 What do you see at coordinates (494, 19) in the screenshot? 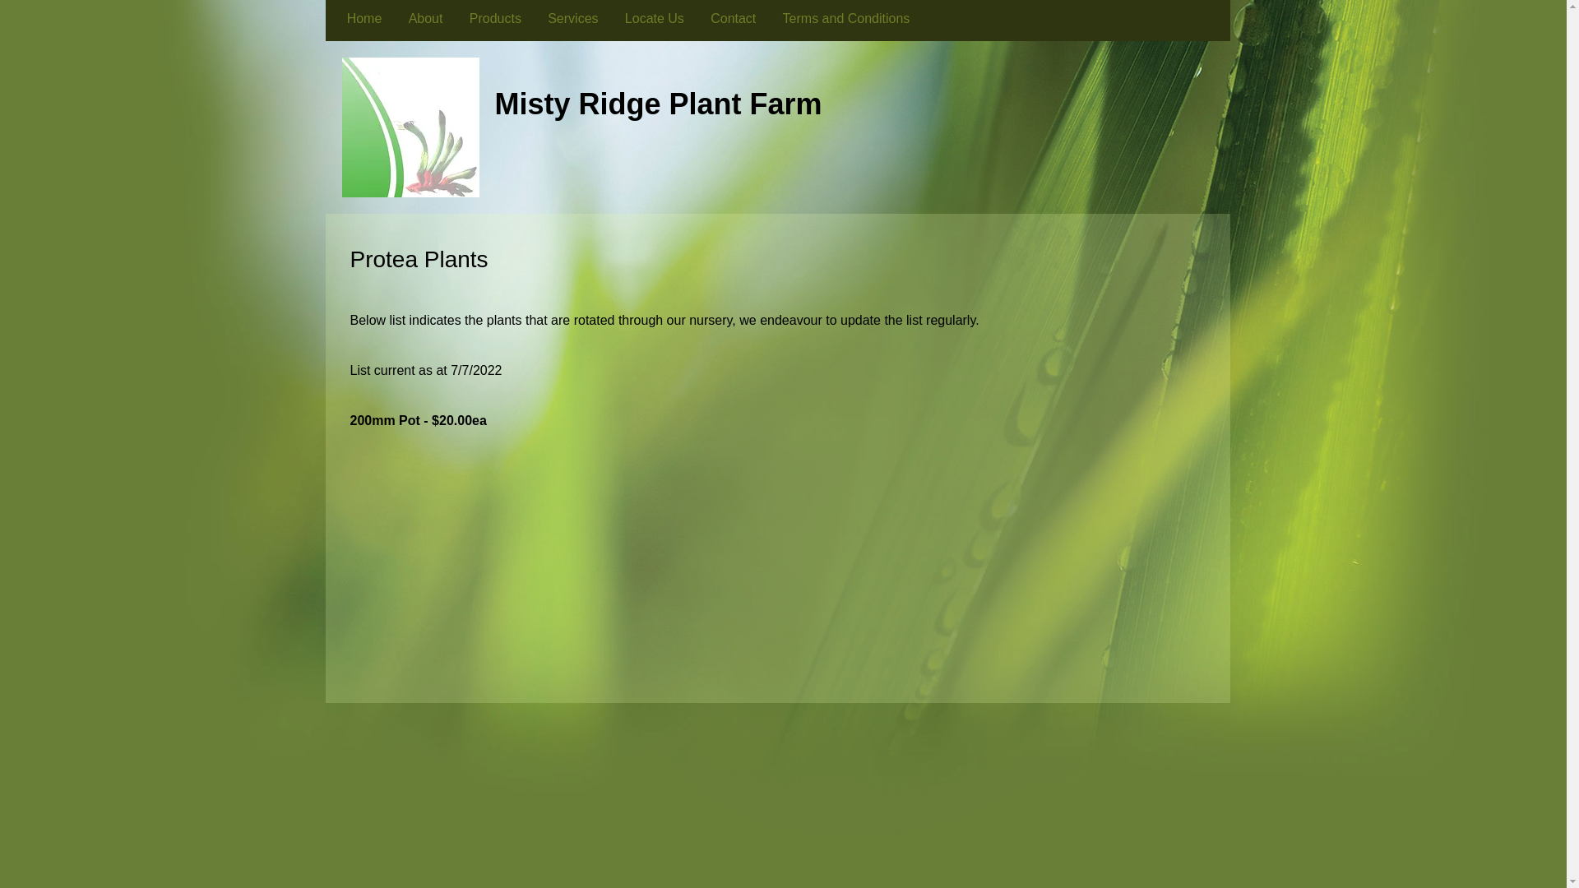
I see `'Products'` at bounding box center [494, 19].